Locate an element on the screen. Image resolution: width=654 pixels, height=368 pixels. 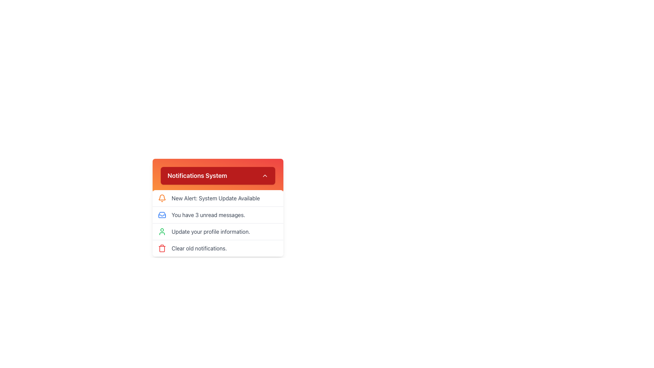
the informational Text label that conveys a notification message about a system update, located in the first entry of the notification dropdown menu is located at coordinates (215, 198).